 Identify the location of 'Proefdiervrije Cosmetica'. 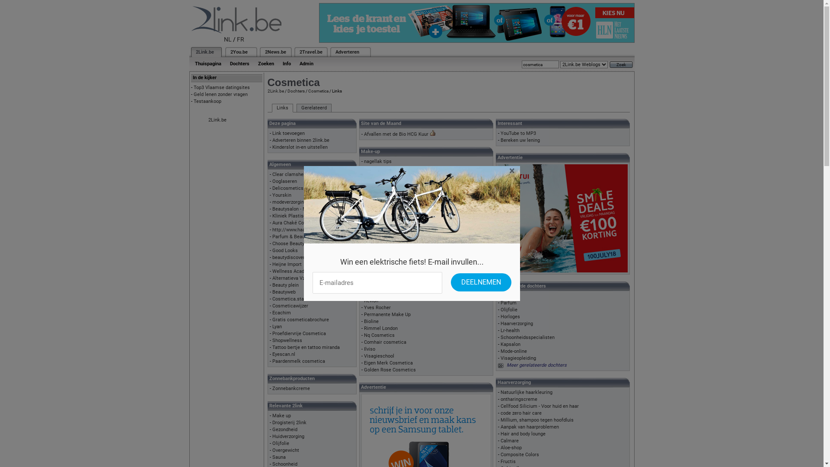
(299, 333).